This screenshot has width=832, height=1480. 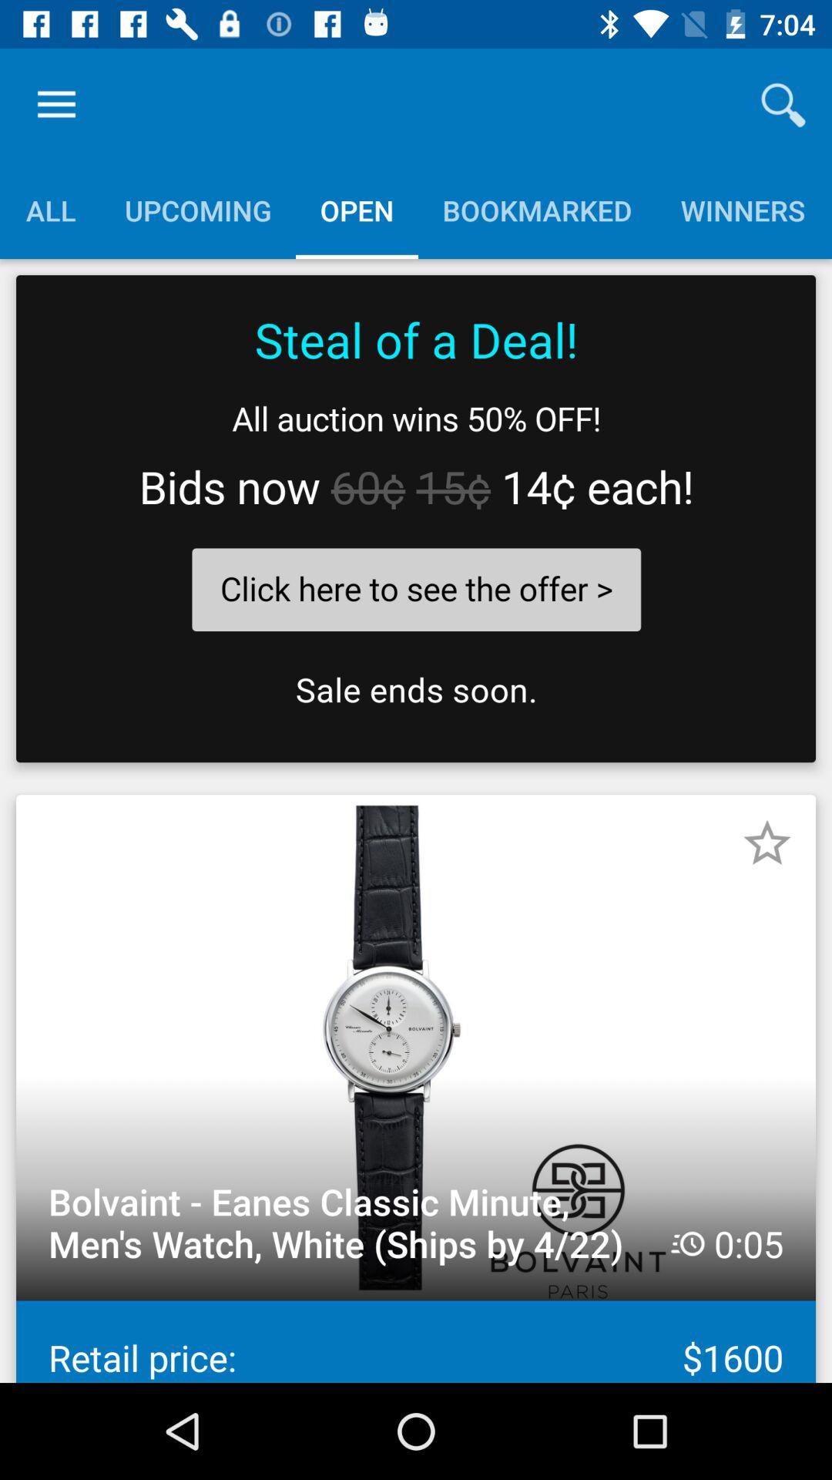 What do you see at coordinates (416, 519) in the screenshot?
I see `offer` at bounding box center [416, 519].